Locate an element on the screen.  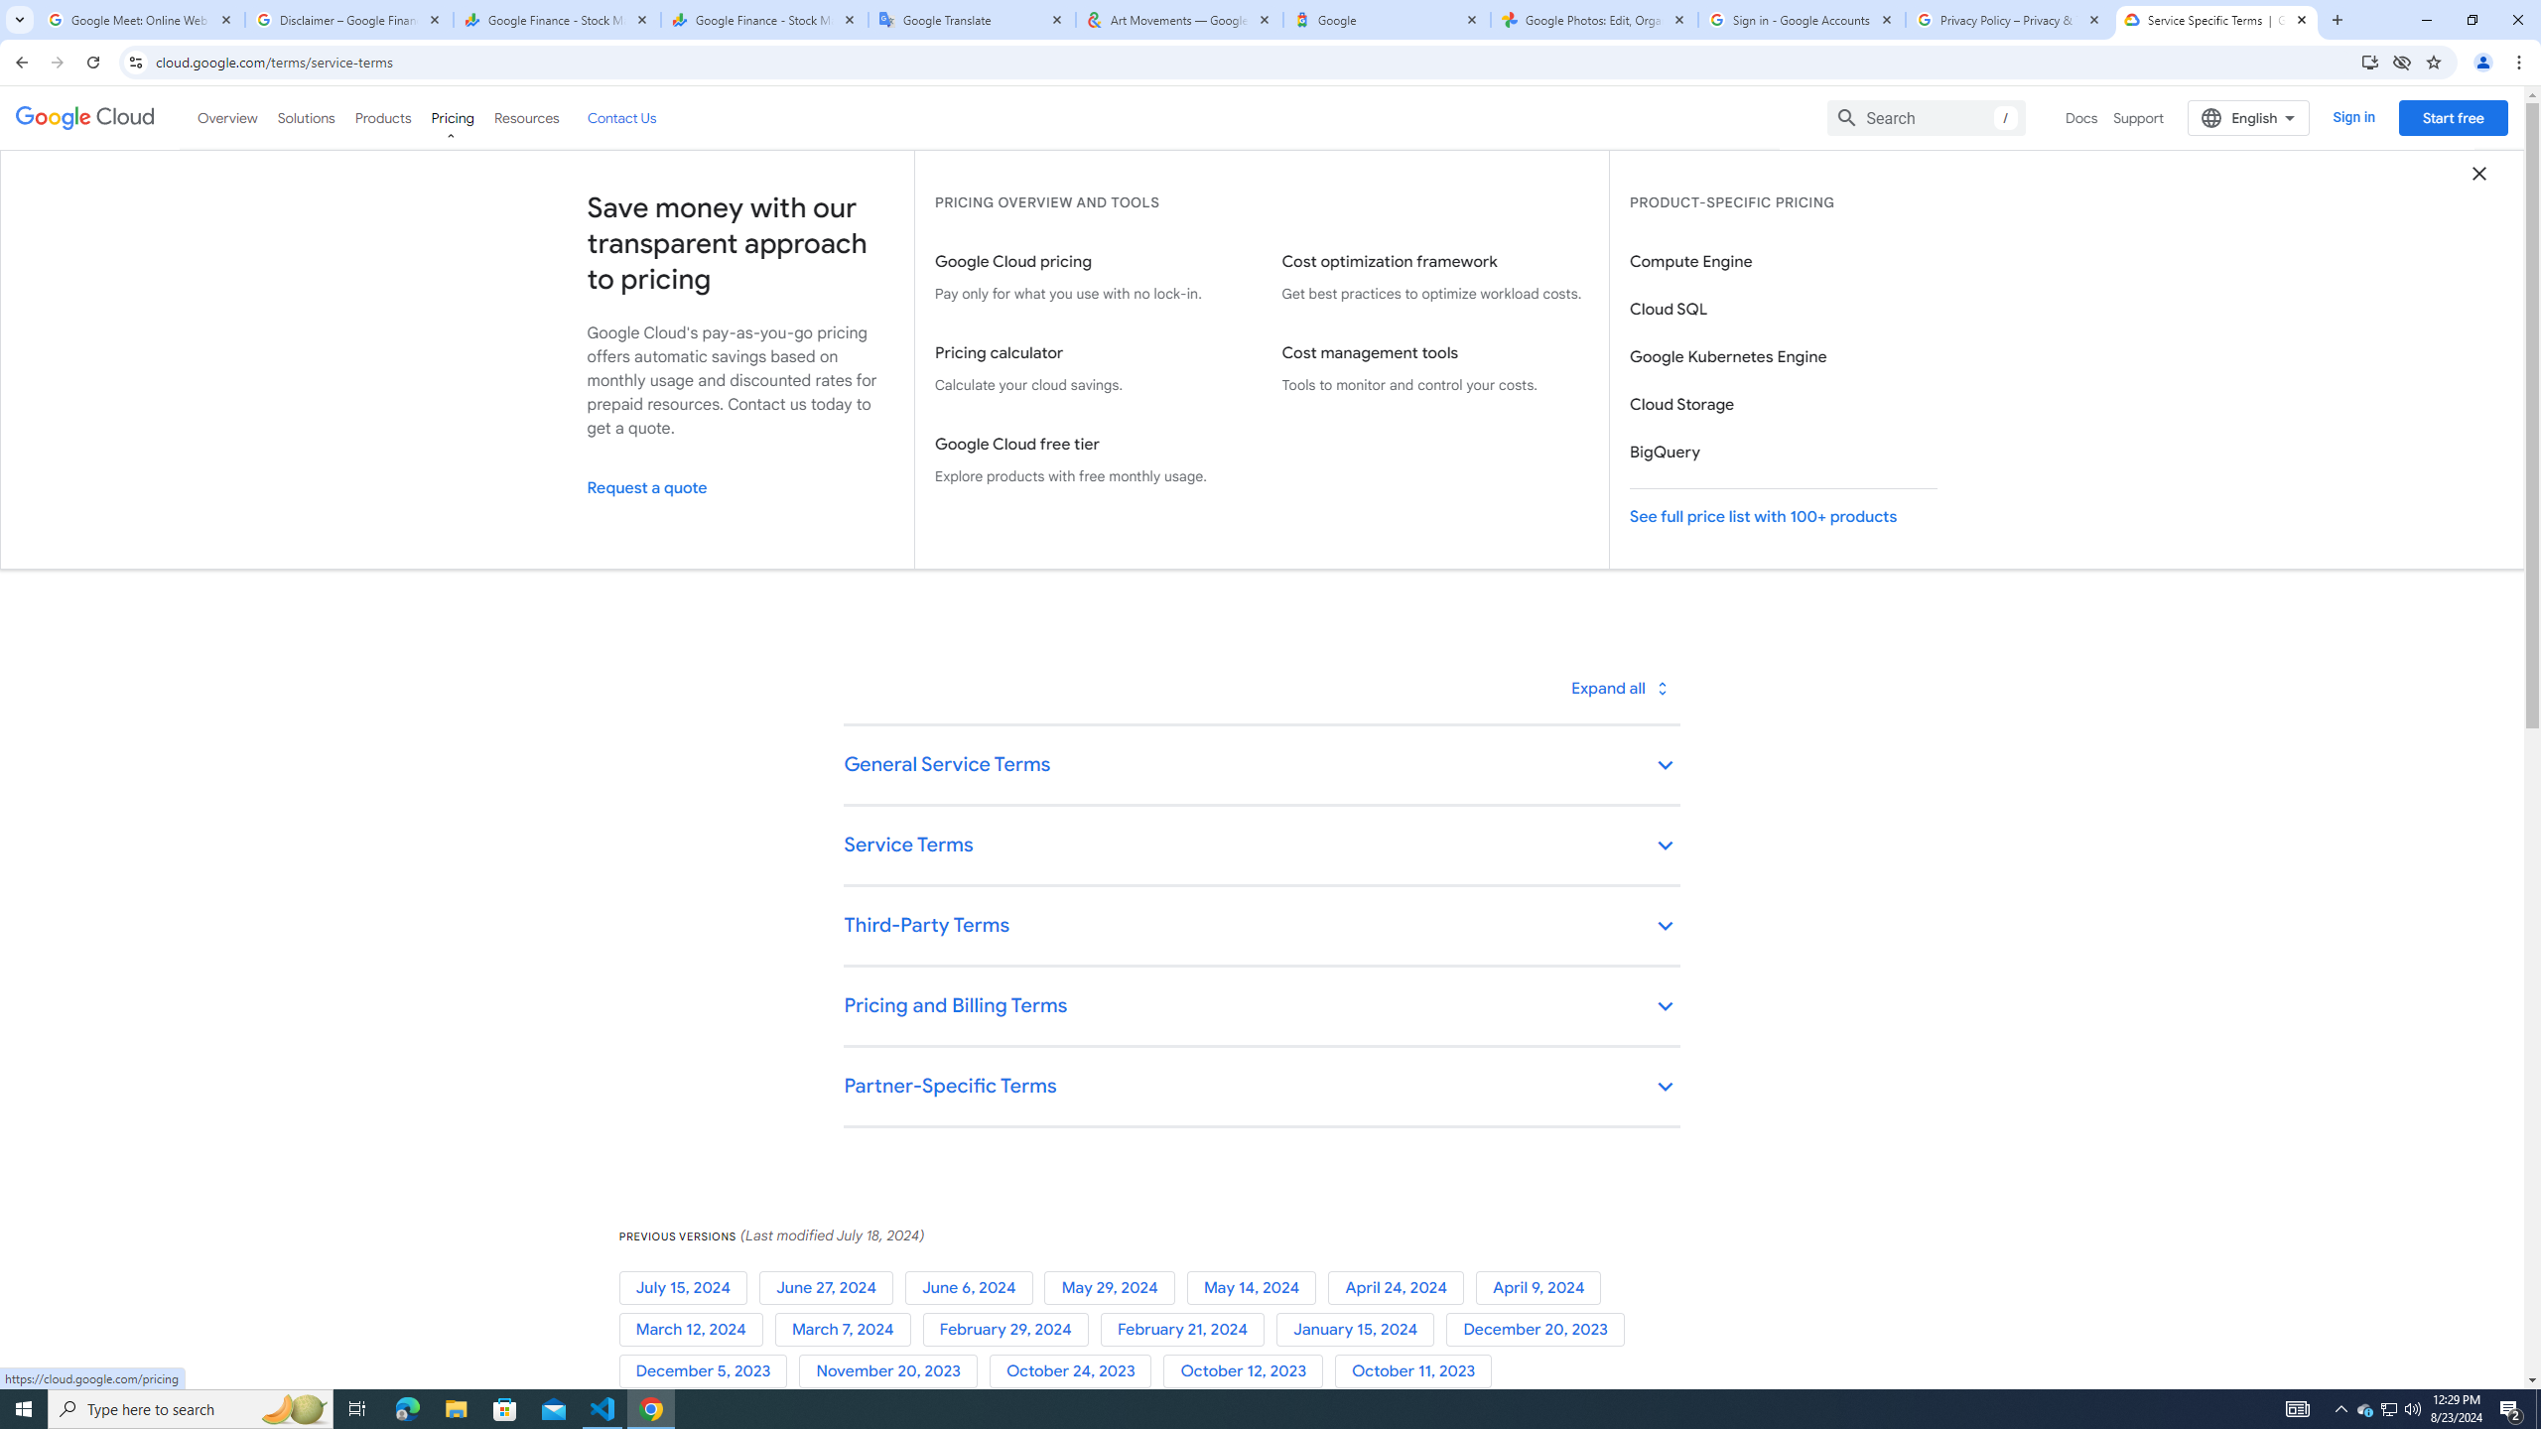
'See full price list with 100+ products' is located at coordinates (1781, 516).